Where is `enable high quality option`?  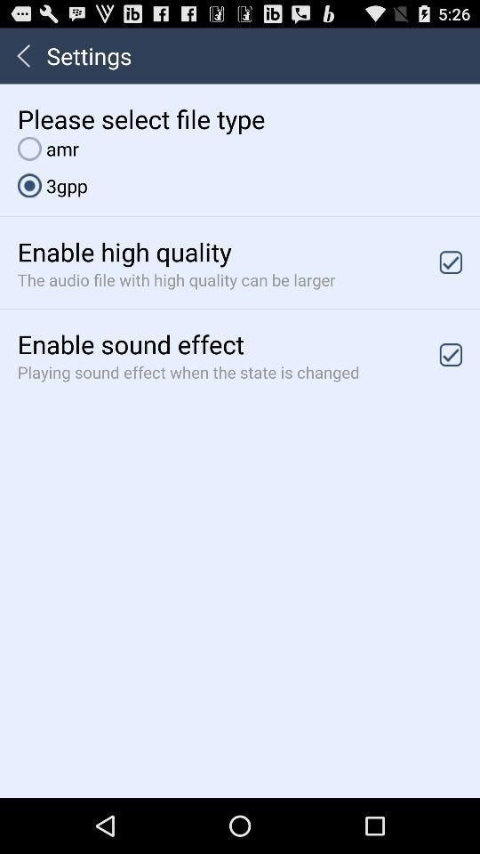 enable high quality option is located at coordinates (451, 262).